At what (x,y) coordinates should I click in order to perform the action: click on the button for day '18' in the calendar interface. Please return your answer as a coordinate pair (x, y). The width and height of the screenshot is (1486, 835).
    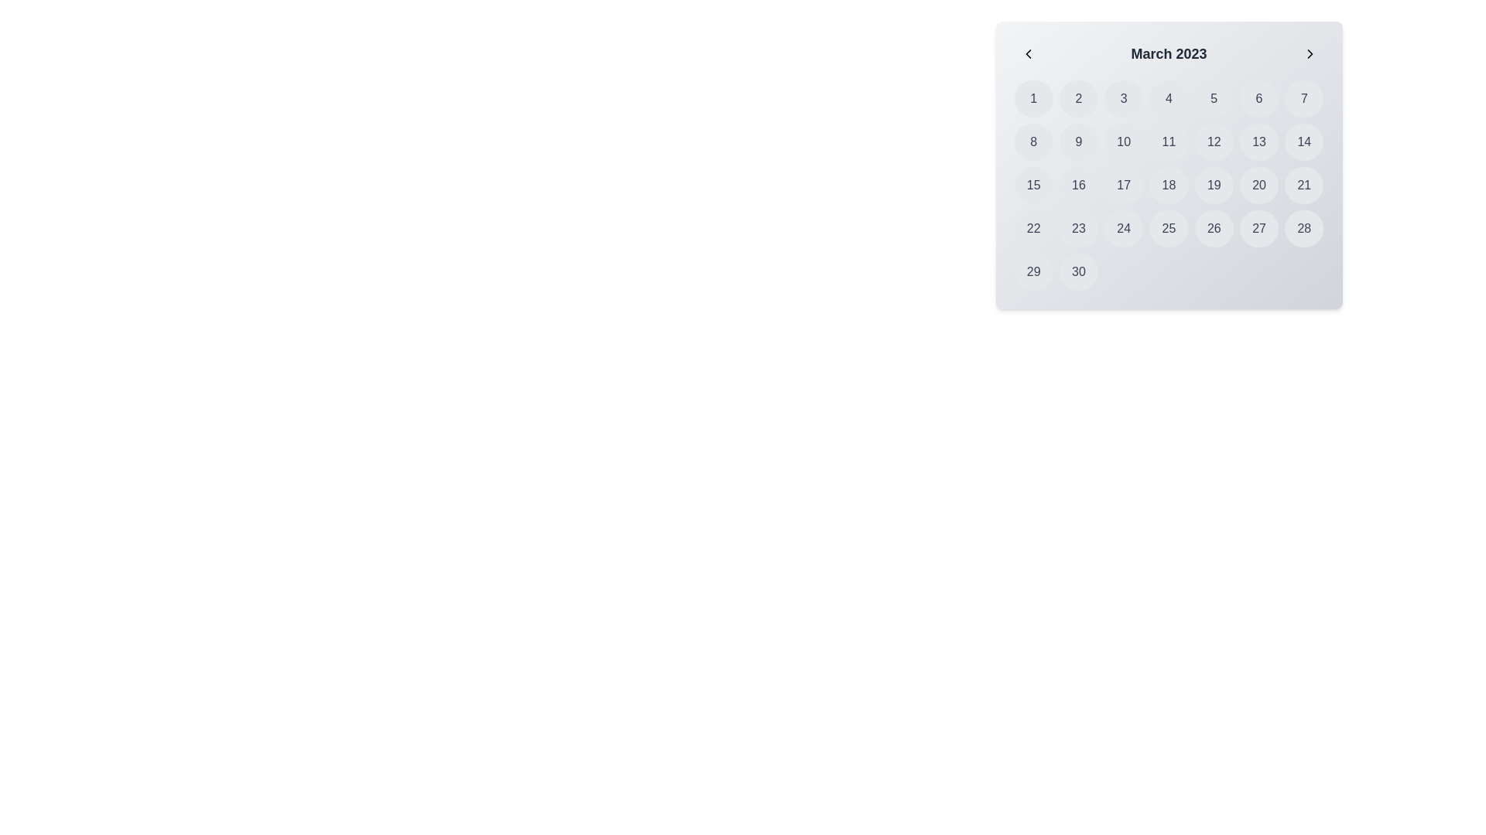
    Looking at the image, I should click on (1169, 184).